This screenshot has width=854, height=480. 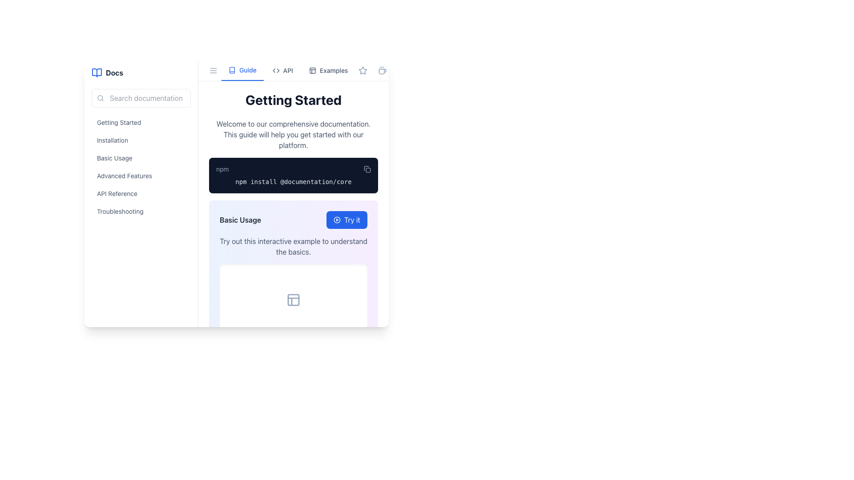 What do you see at coordinates (288, 70) in the screenshot?
I see `the 'API' navigation tab` at bounding box center [288, 70].